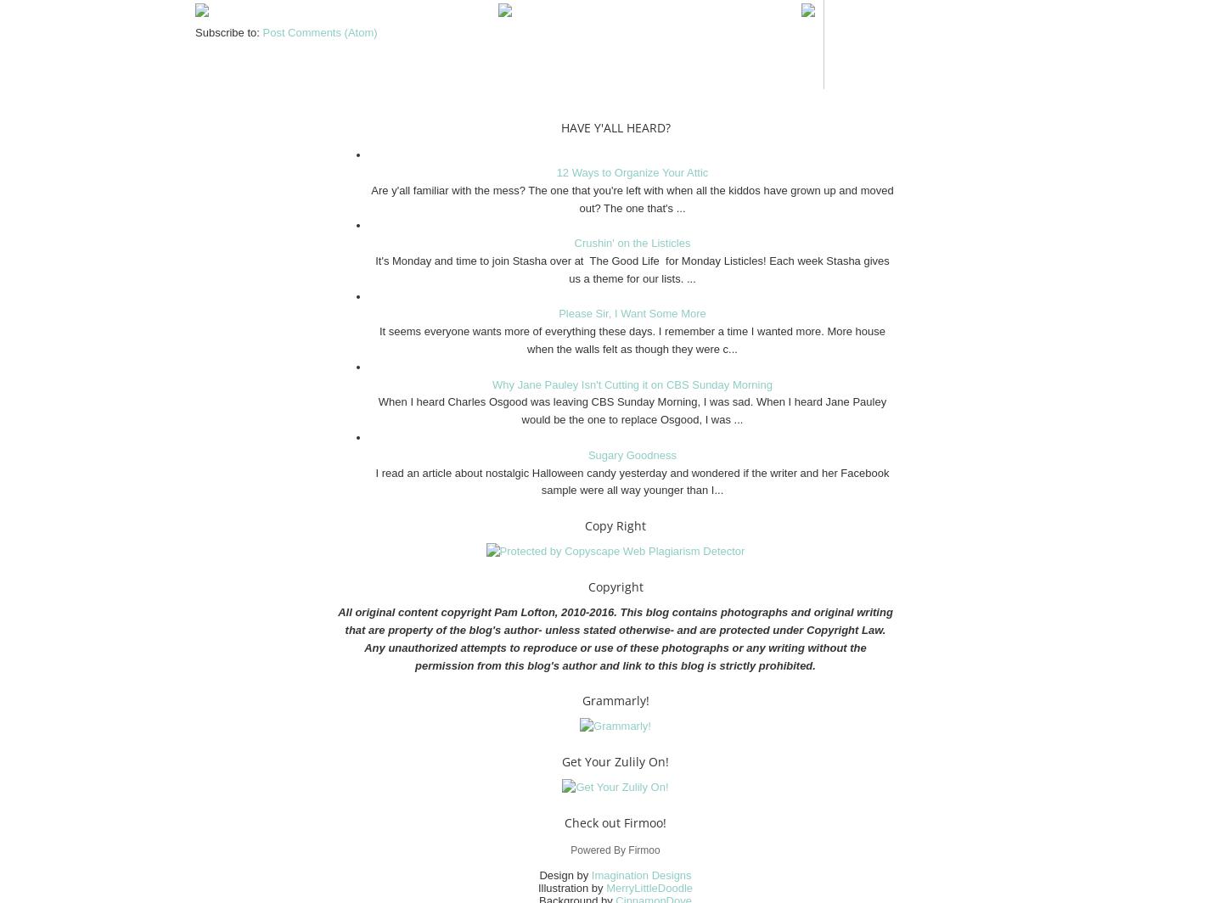  I want to click on 'When I heard Charles Osgood was leaving CBS Sunday Morning, I was sad. When I heard Jane Pauley would be the one to replace Osgood, I was ...', so click(632, 411).